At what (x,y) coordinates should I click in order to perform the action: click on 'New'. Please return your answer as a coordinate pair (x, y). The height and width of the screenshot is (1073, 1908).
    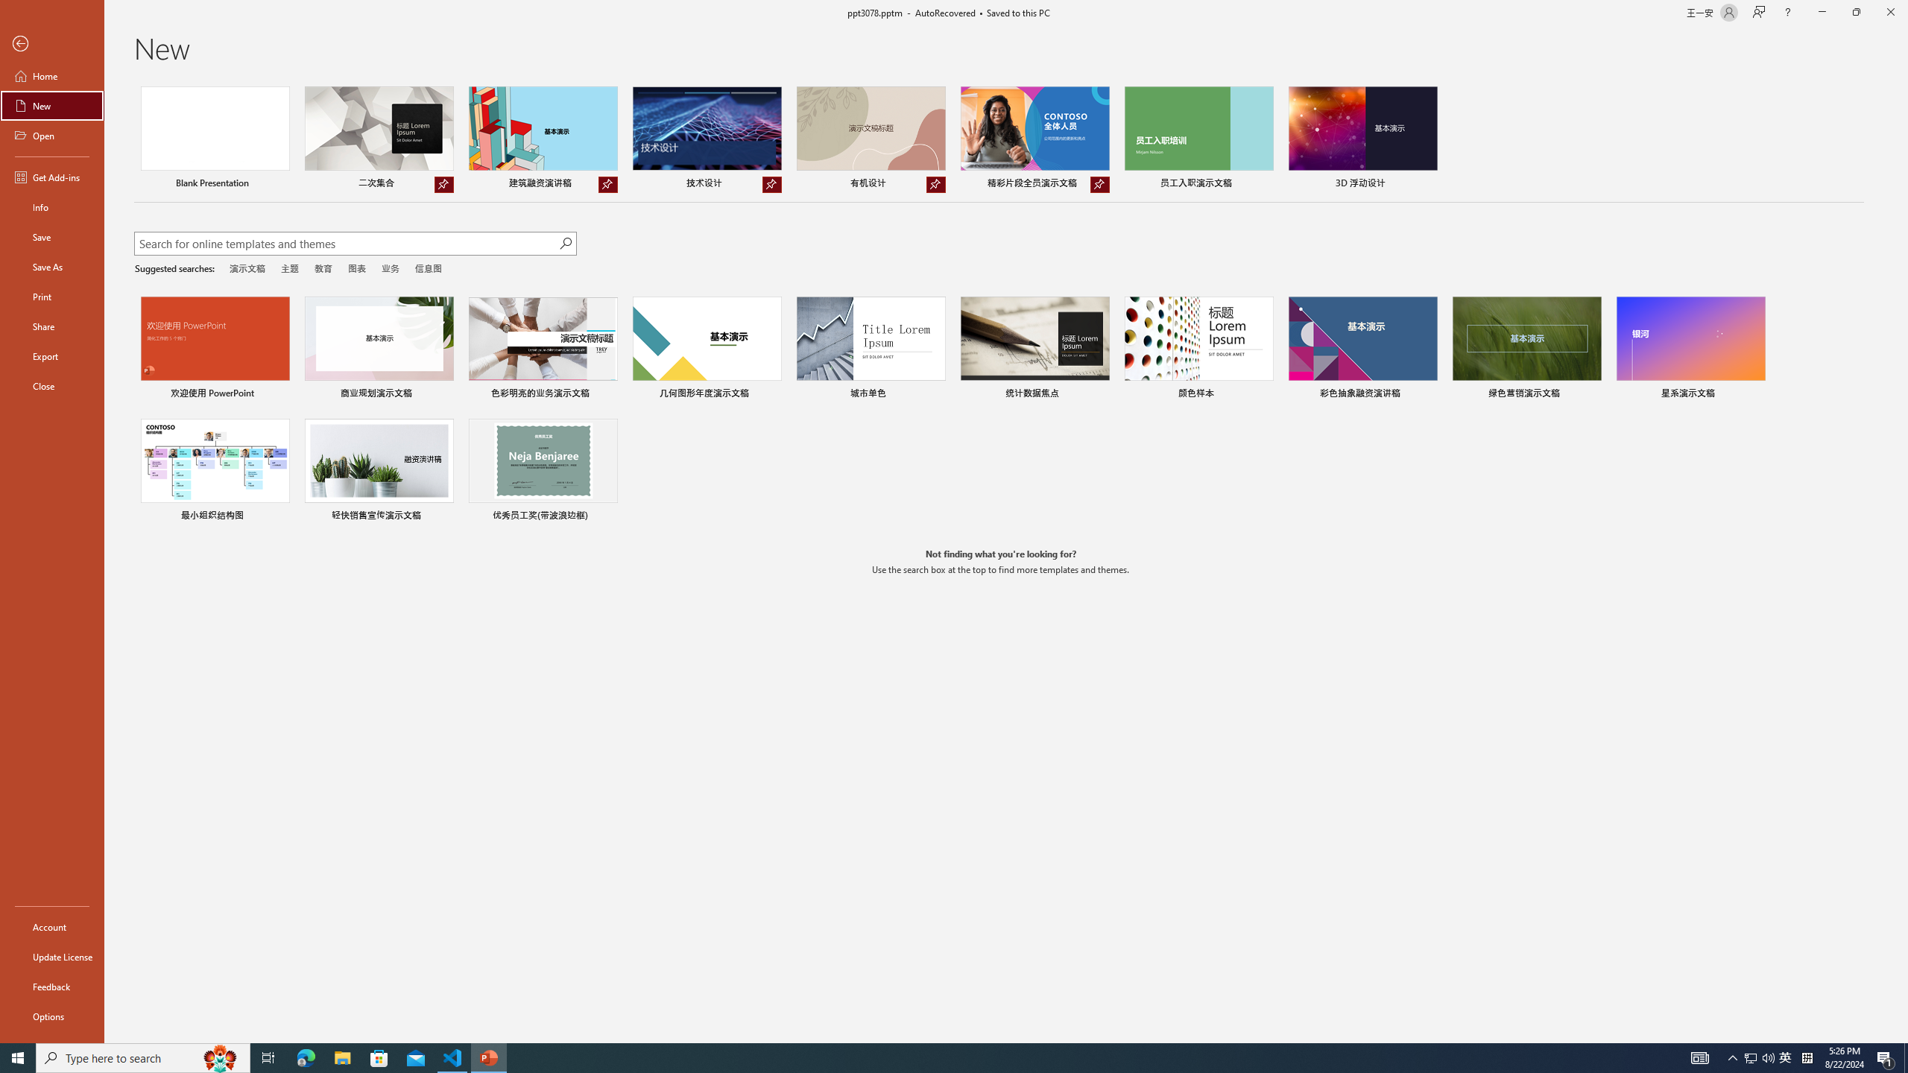
    Looking at the image, I should click on (51, 105).